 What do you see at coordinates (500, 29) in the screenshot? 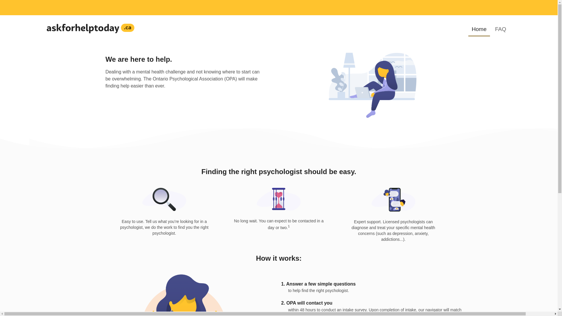
I see `'FAQ'` at bounding box center [500, 29].